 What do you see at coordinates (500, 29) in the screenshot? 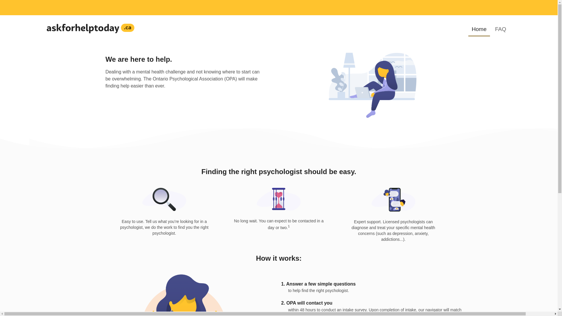
I see `'FAQ'` at bounding box center [500, 29].